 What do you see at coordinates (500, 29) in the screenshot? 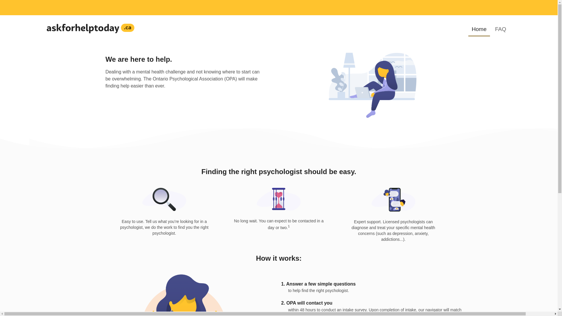
I see `'FAQ'` at bounding box center [500, 29].